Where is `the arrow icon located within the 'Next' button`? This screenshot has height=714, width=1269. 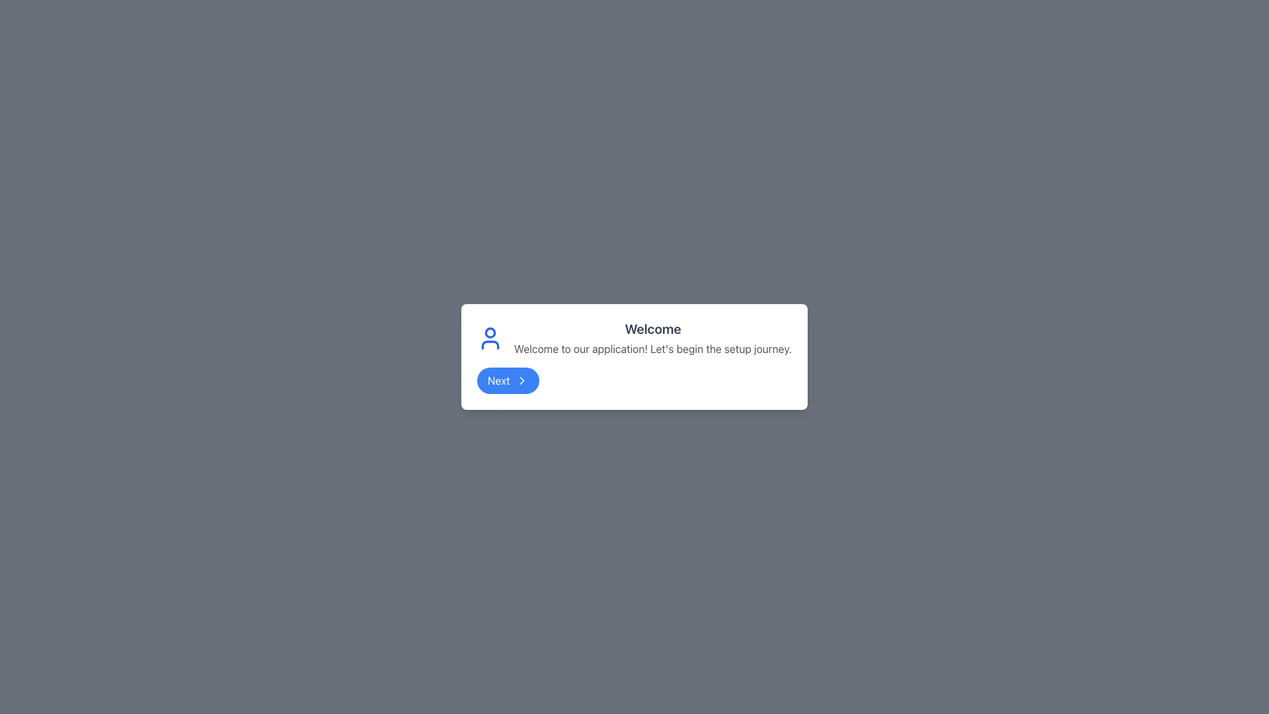
the arrow icon located within the 'Next' button is located at coordinates (521, 380).